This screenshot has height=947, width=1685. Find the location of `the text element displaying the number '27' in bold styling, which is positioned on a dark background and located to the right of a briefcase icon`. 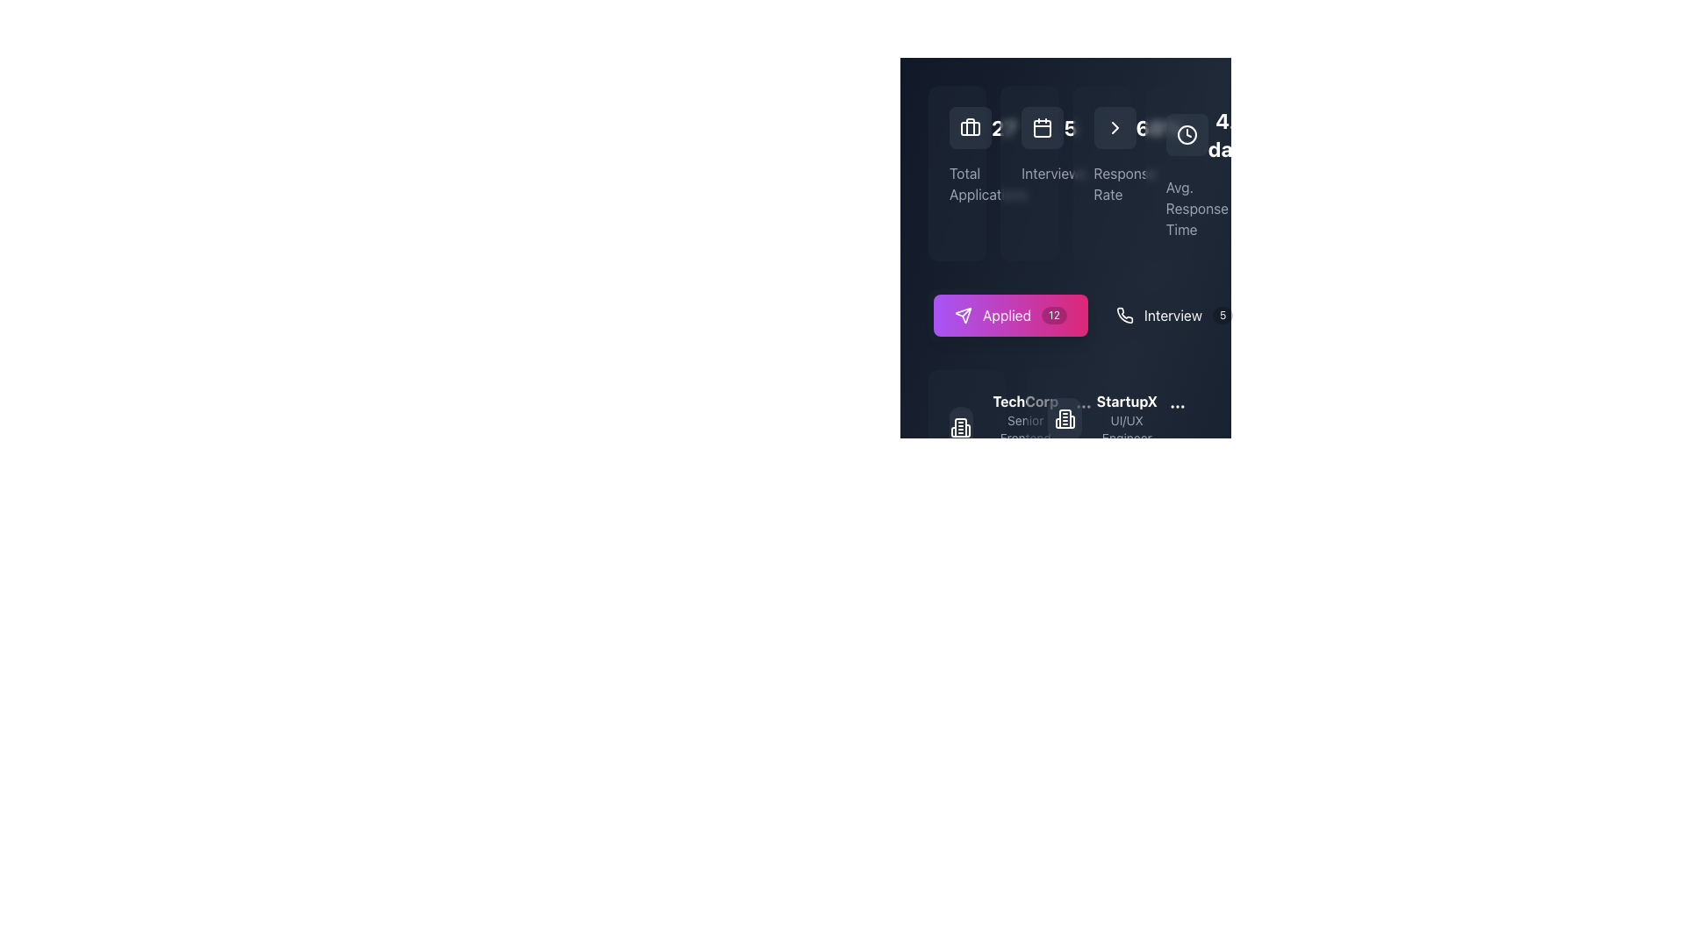

the text element displaying the number '27' in bold styling, which is positioned on a dark background and located to the right of a briefcase icon is located at coordinates (1004, 127).